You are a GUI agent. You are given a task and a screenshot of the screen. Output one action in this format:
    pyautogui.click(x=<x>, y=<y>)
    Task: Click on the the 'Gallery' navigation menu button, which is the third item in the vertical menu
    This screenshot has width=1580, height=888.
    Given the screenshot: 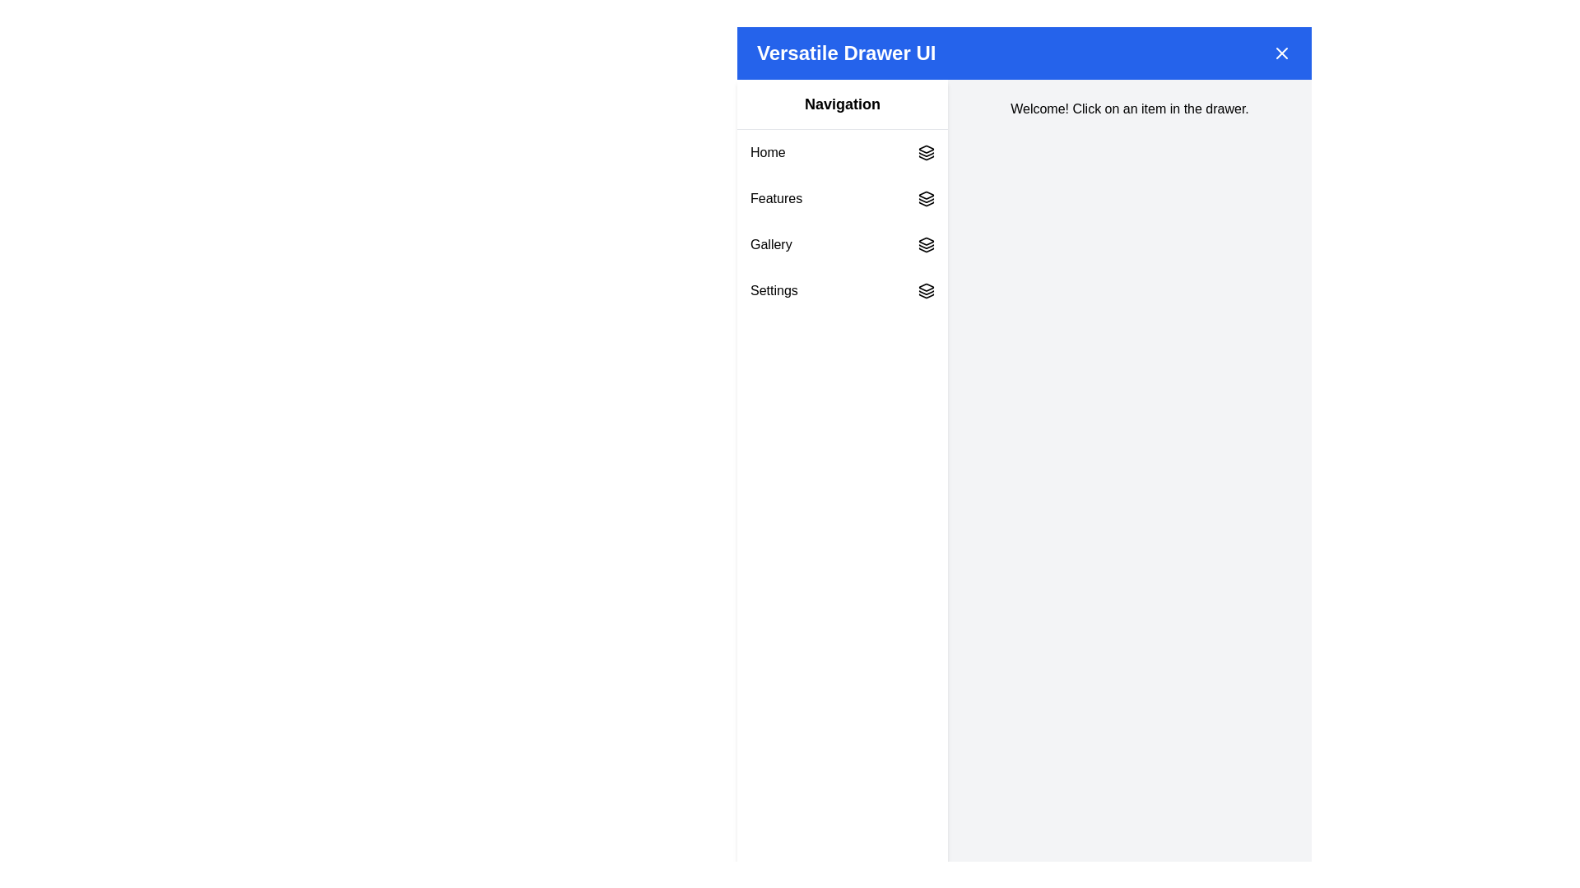 What is the action you would take?
    pyautogui.click(x=842, y=244)
    